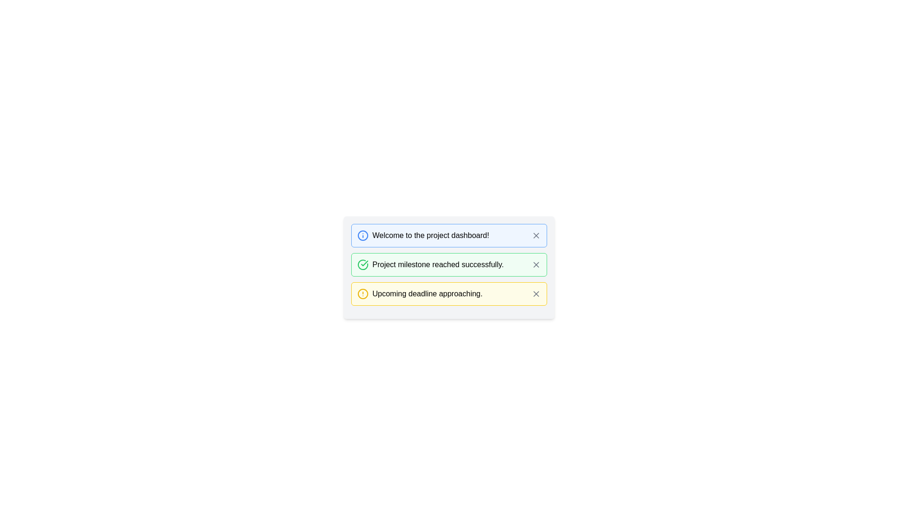 Image resolution: width=904 pixels, height=508 pixels. Describe the element at coordinates (363, 235) in the screenshot. I see `the circular shape with a blue border that serves as the background of the exclamation mark, located at the start of the first notification card in the dashboard, preceding the text 'Welcome to the project dashboard!'` at that location.